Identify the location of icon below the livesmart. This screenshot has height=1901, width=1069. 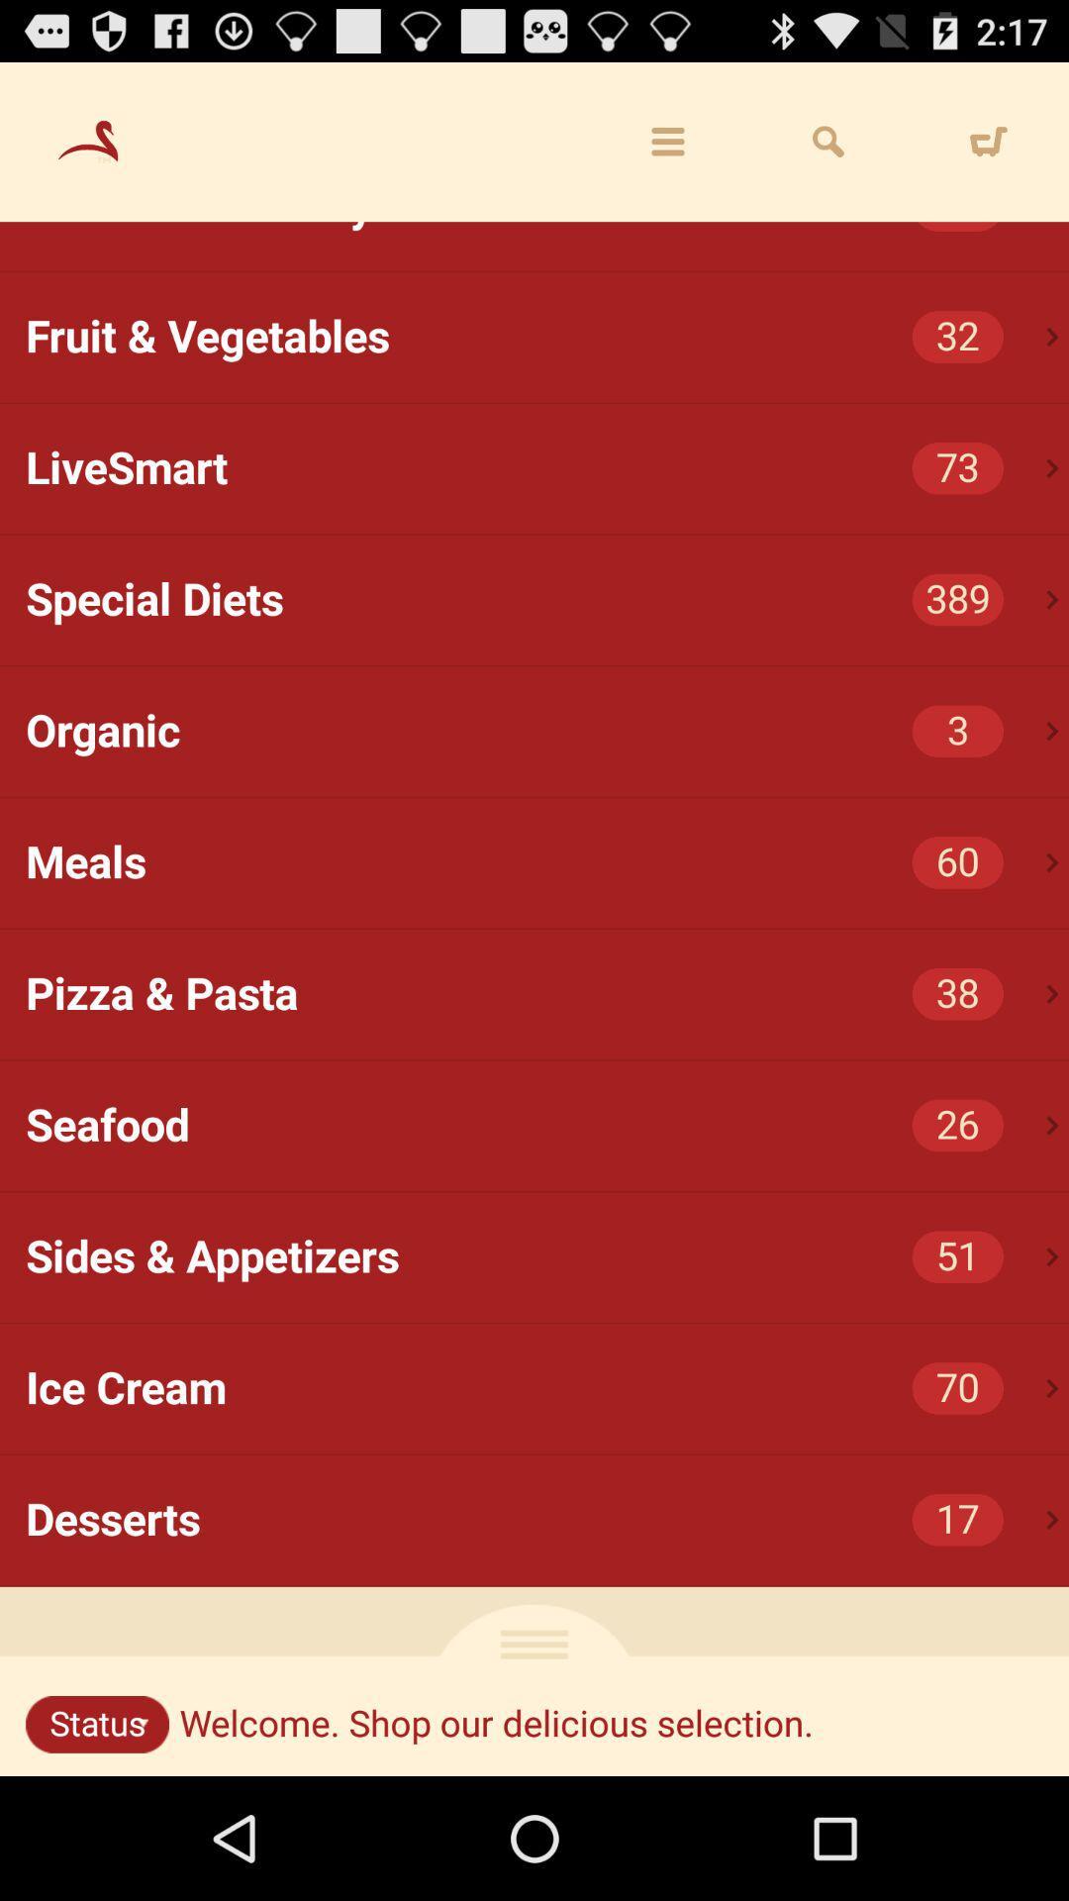
(547, 599).